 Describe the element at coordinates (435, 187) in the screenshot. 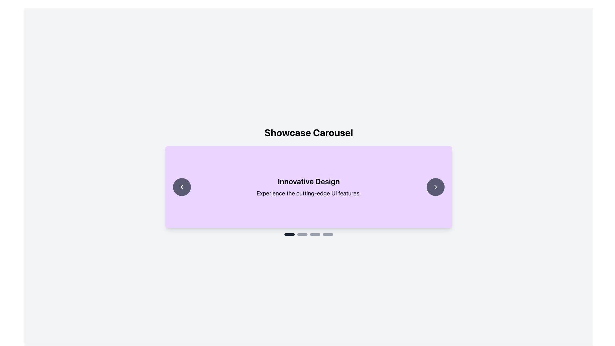

I see `the Triangular chevron icon located in the right side of the purple rectangular area` at that location.